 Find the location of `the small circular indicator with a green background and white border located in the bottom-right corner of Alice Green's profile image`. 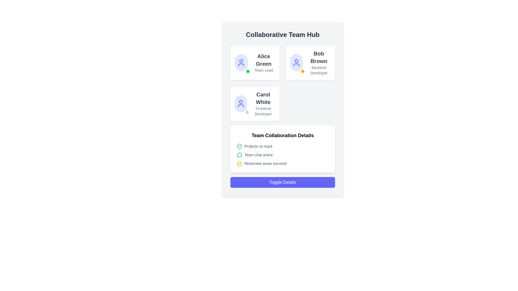

the small circular indicator with a green background and white border located in the bottom-right corner of Alice Green's profile image is located at coordinates (247, 71).